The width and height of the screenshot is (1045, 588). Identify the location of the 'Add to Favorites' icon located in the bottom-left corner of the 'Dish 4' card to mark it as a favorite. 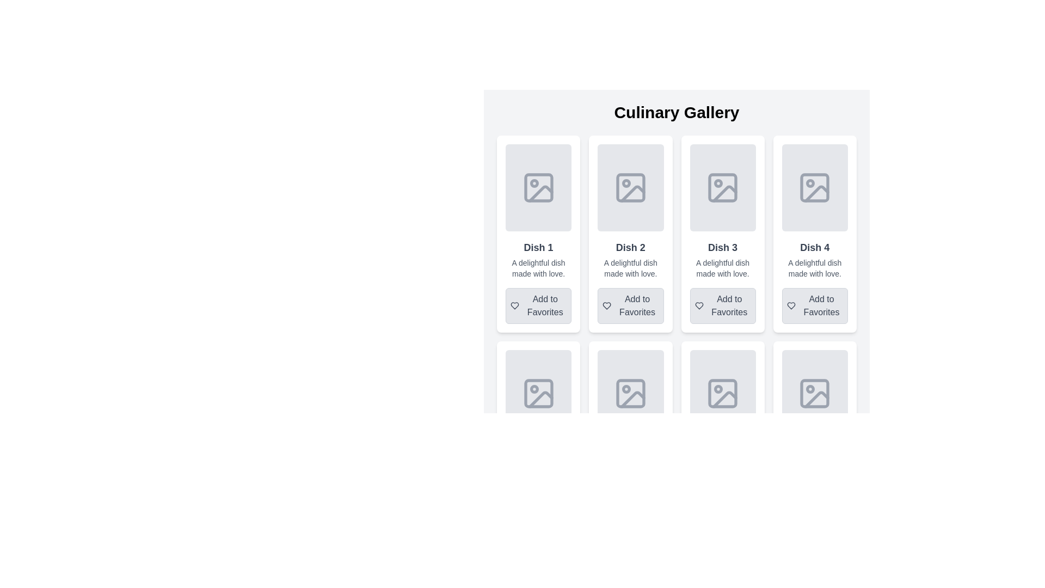
(791, 306).